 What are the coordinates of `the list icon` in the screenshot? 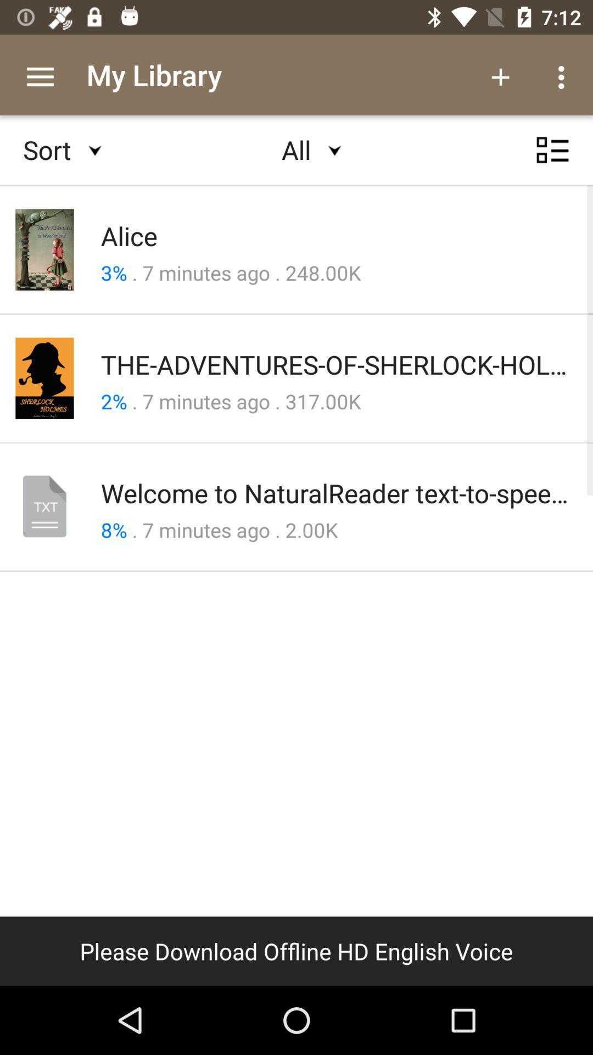 It's located at (552, 160).